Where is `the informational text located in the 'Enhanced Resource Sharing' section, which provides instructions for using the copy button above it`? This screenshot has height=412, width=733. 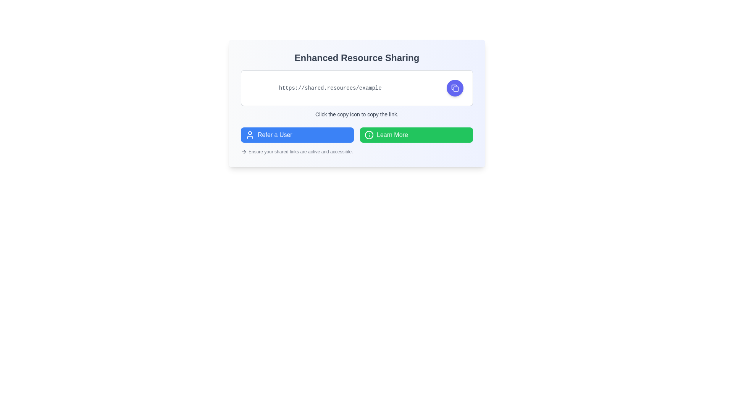
the informational text located in the 'Enhanced Resource Sharing' section, which provides instructions for using the copy button above it is located at coordinates (357, 114).